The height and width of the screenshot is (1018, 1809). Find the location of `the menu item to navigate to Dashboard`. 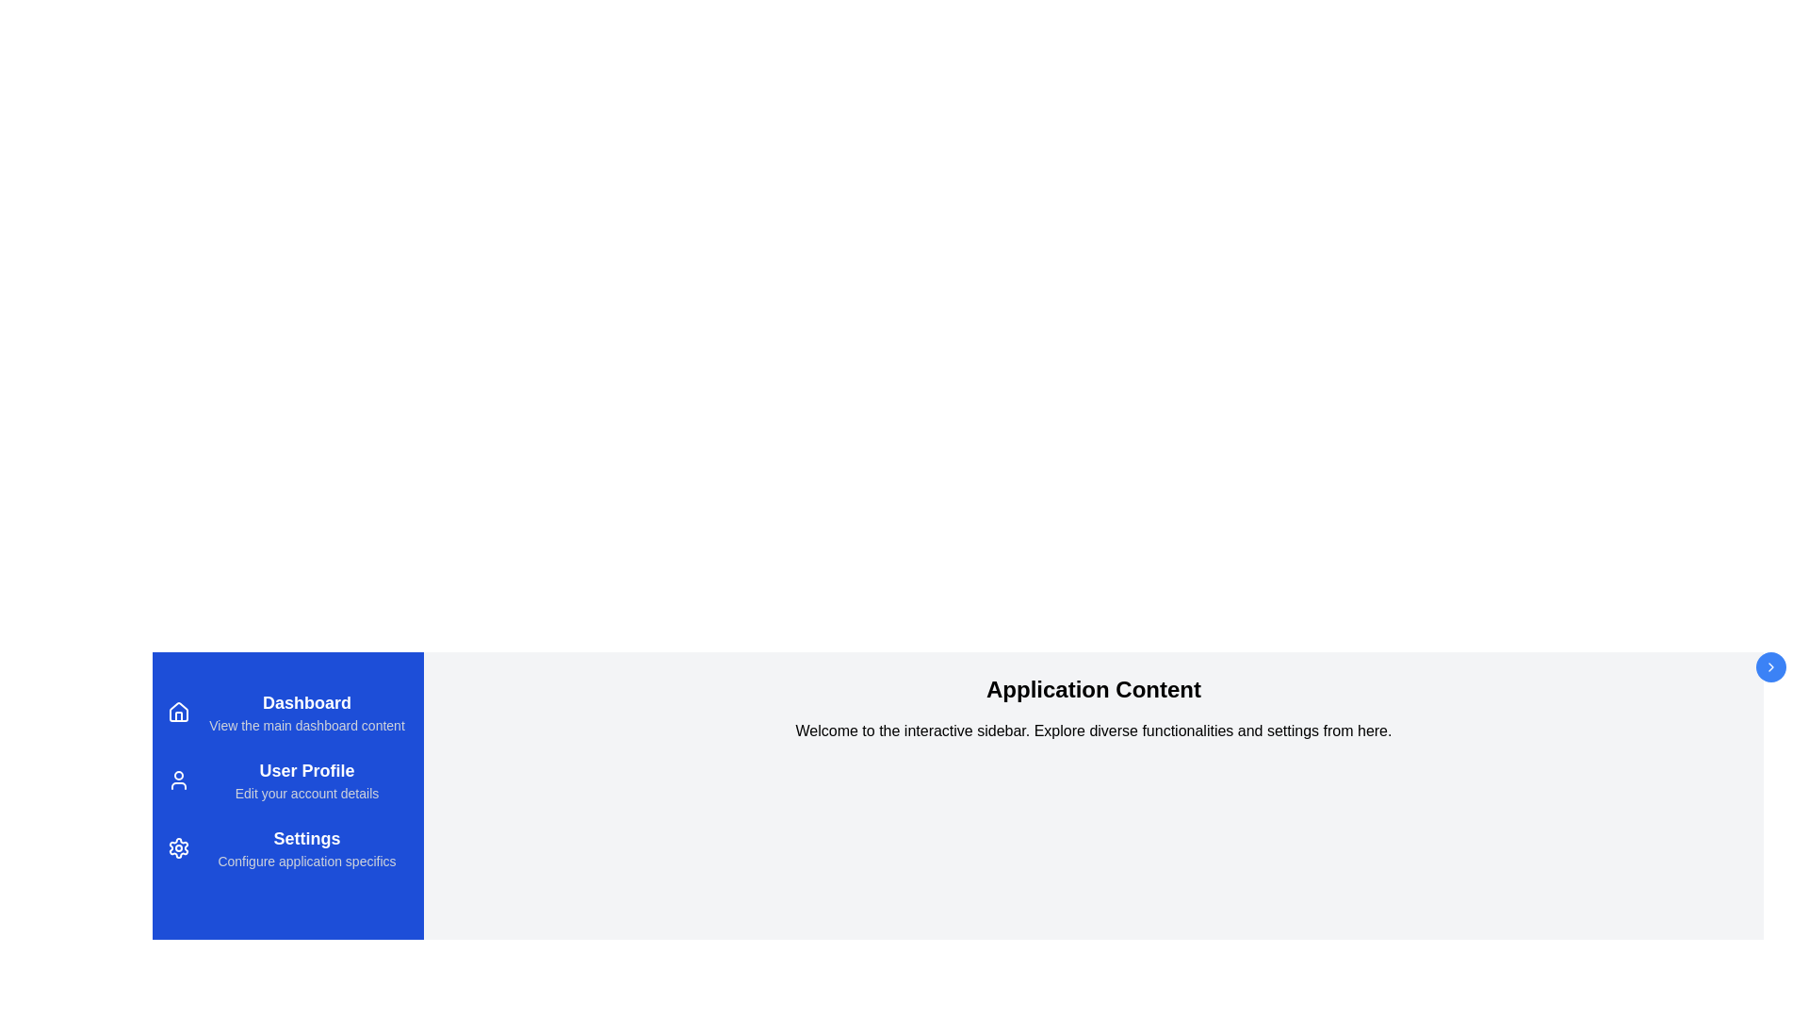

the menu item to navigate to Dashboard is located at coordinates (287, 713).